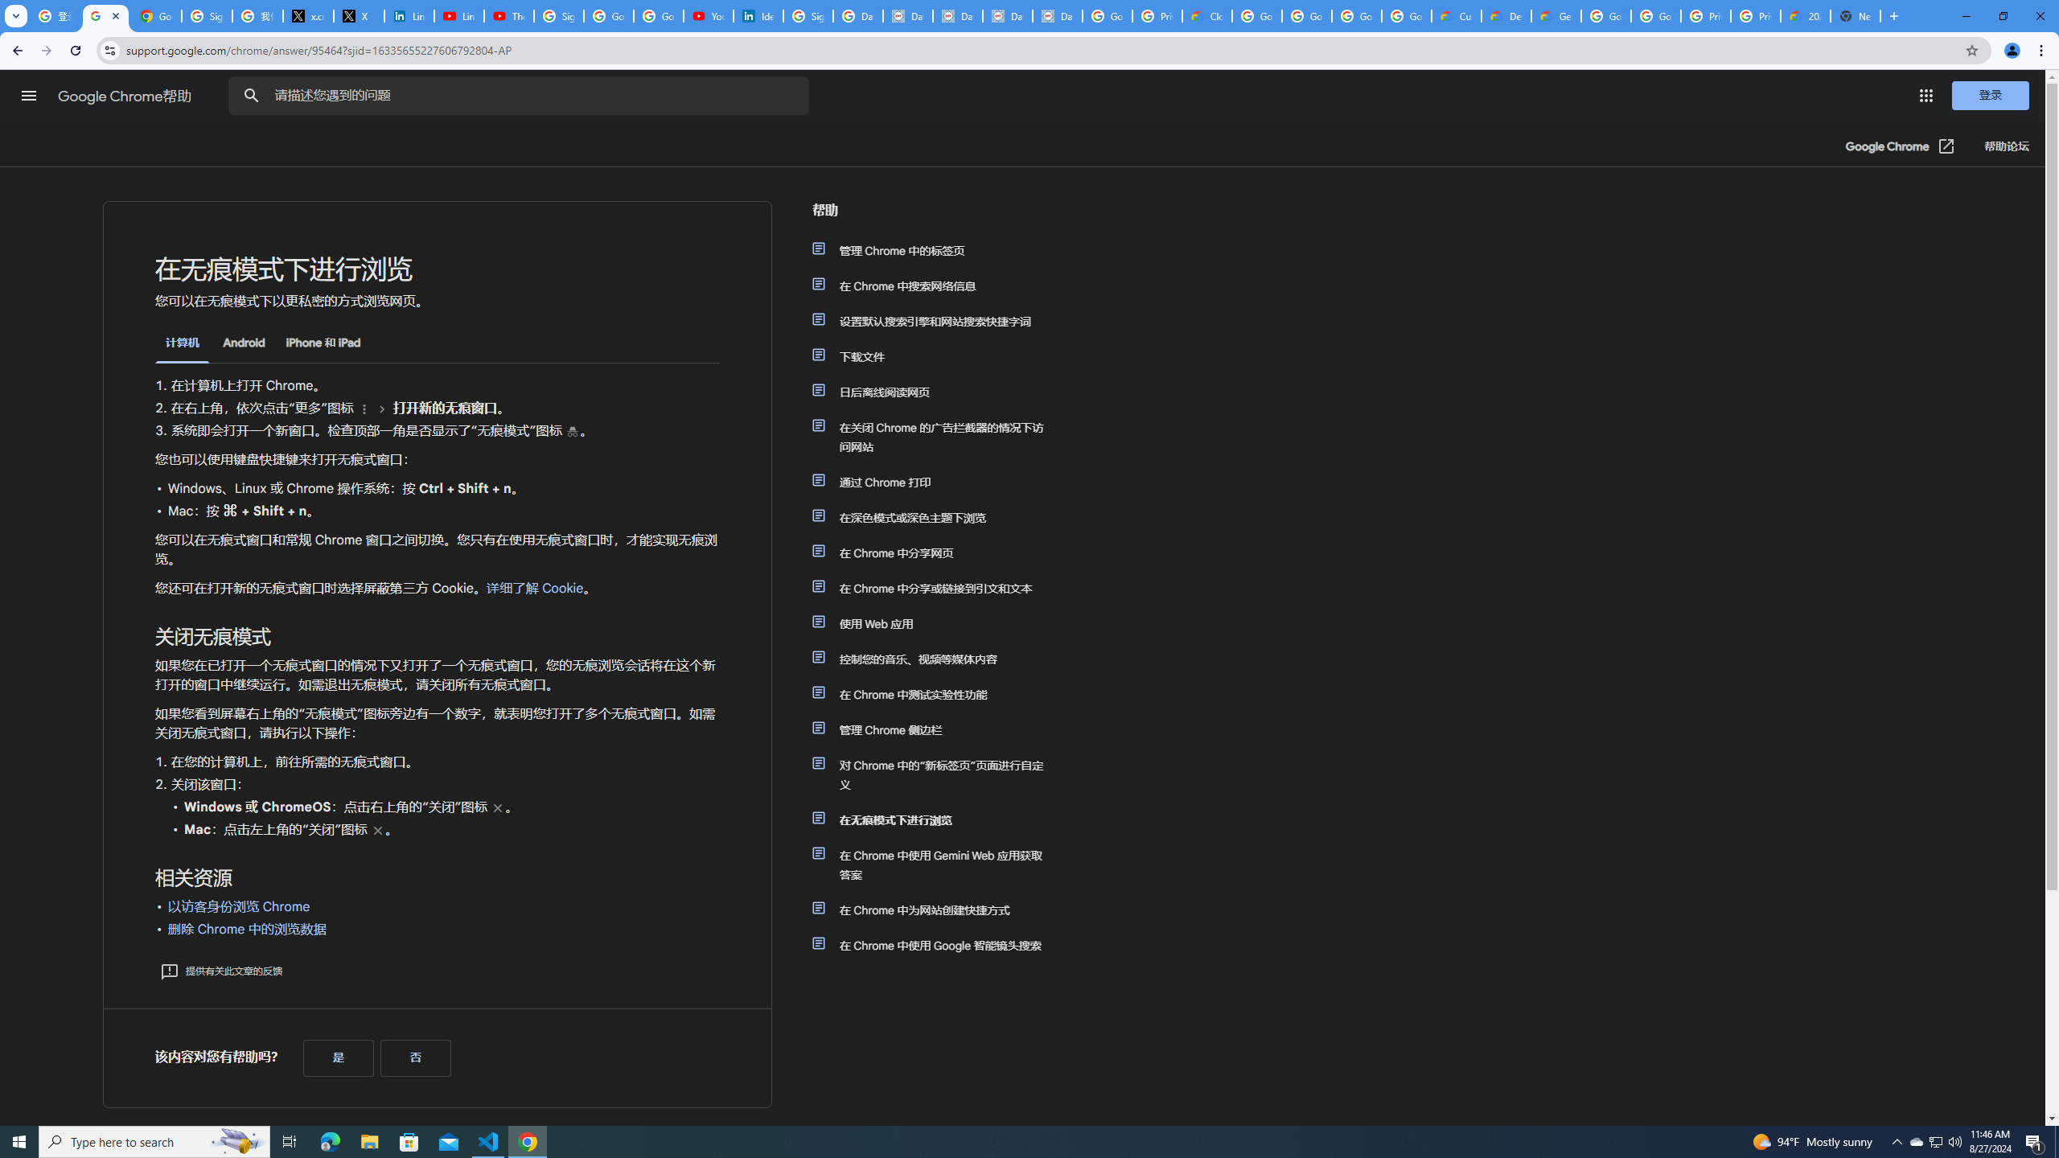 The height and width of the screenshot is (1158, 2059). Describe the element at coordinates (1456, 15) in the screenshot. I see `'Customer Care | Google Cloud'` at that location.